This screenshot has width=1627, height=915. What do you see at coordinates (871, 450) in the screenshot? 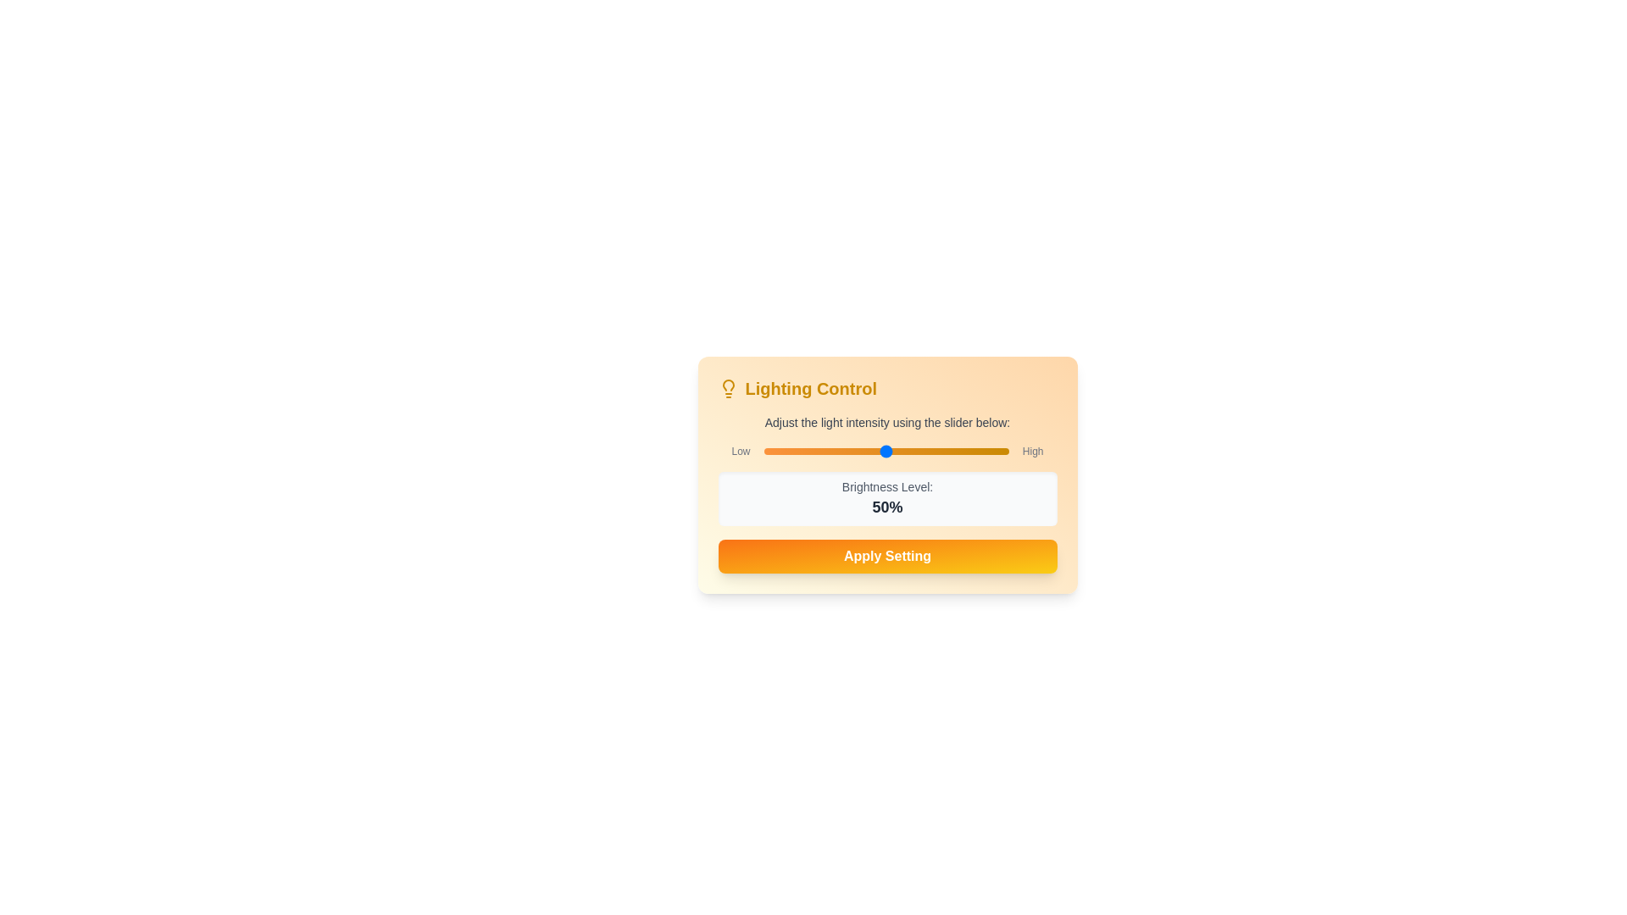
I see `brightness` at bounding box center [871, 450].